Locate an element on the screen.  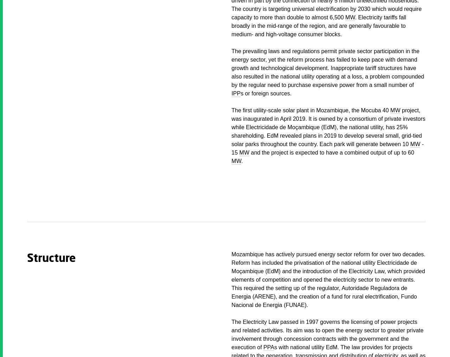
'. Electricity tariffs fall broadly in the mid-range of the region, and are generally favourable to medium- and high-voltage consumer blocks.' is located at coordinates (318, 25).